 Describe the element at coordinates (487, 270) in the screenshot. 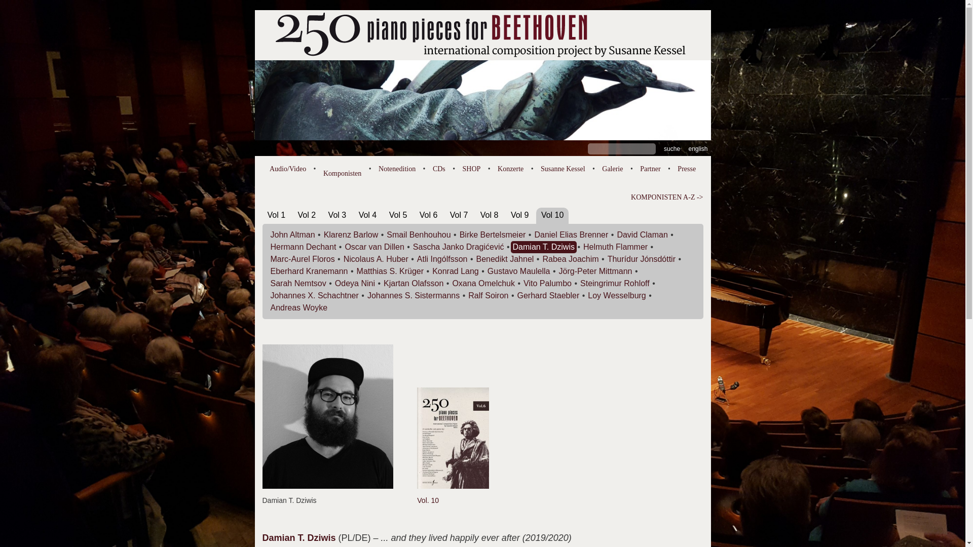

I see `'Gustavo Maulella'` at that location.